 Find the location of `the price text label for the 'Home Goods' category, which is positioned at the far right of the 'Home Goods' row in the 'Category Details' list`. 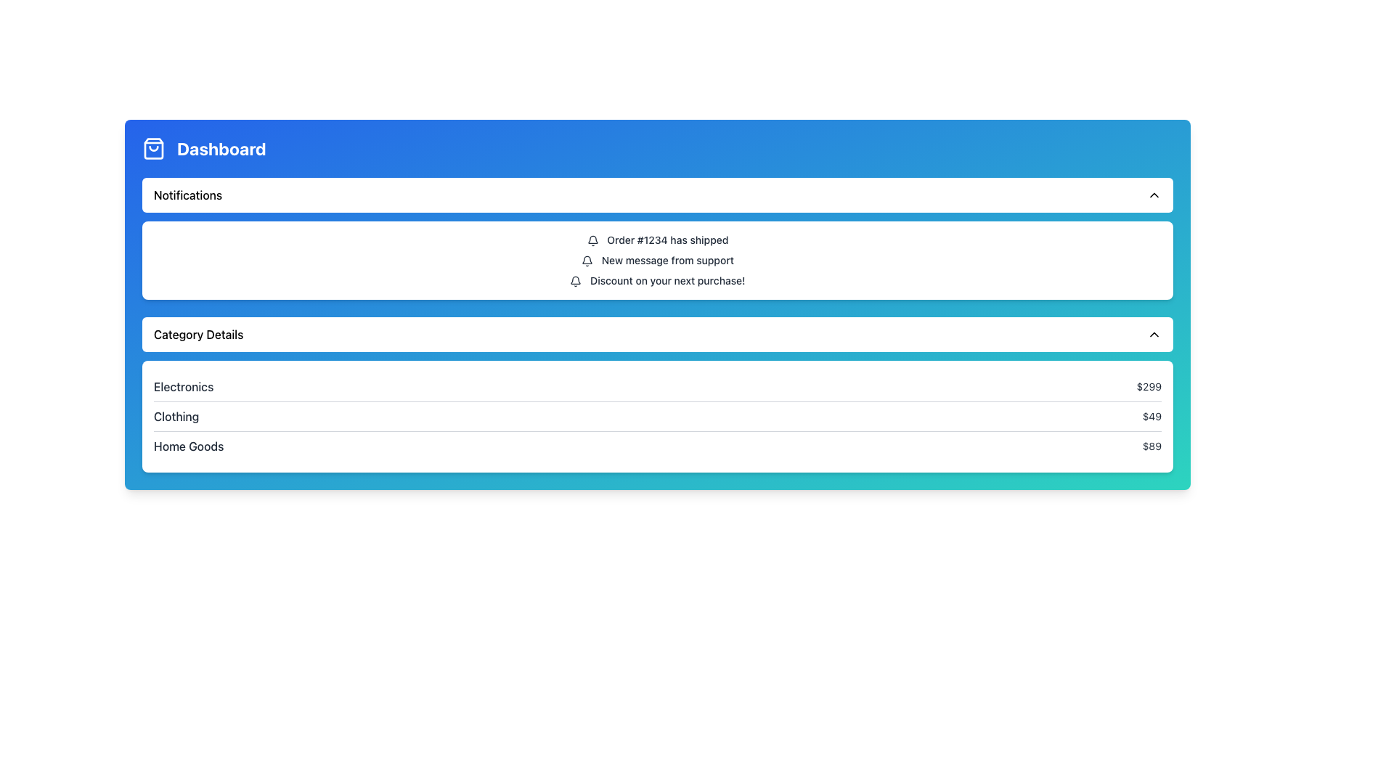

the price text label for the 'Home Goods' category, which is positioned at the far right of the 'Home Goods' row in the 'Category Details' list is located at coordinates (1151, 445).